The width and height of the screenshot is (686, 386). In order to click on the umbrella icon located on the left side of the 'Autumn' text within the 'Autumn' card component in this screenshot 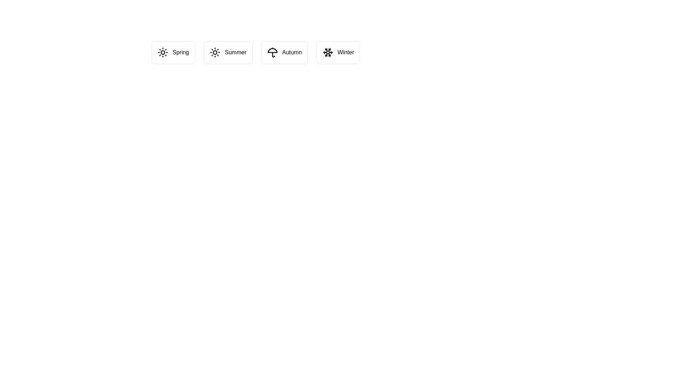, I will do `click(272, 52)`.